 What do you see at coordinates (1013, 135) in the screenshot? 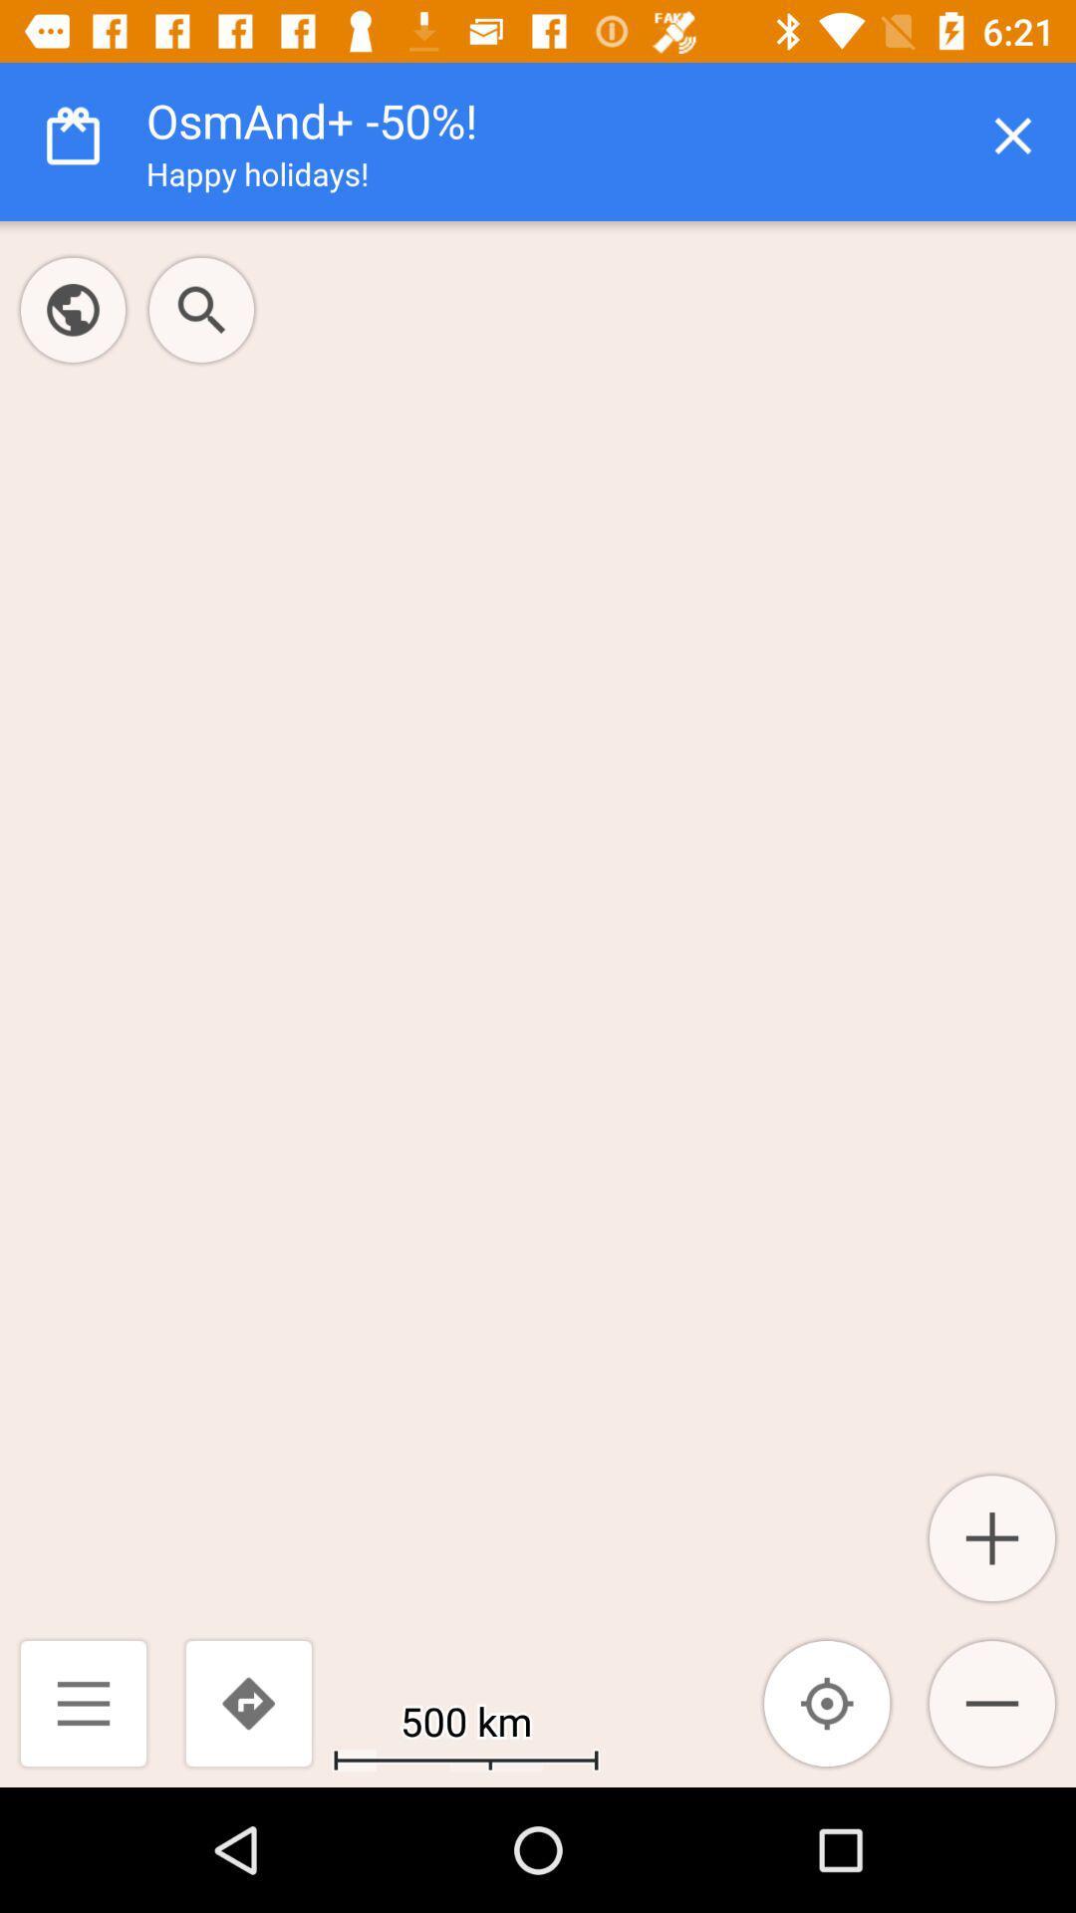
I see `item at the top right corner` at bounding box center [1013, 135].